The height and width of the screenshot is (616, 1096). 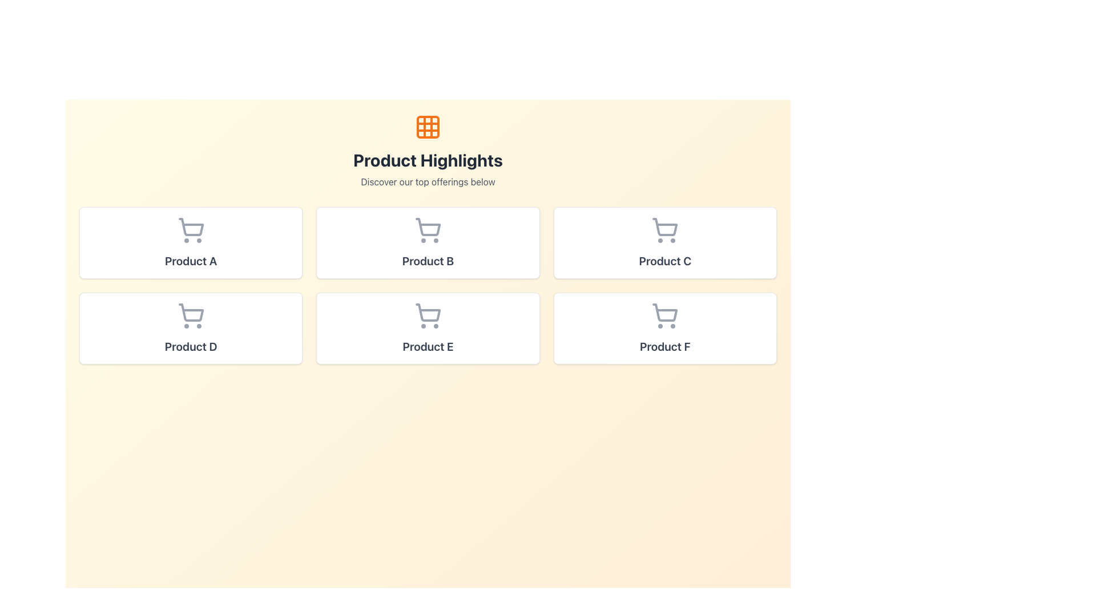 I want to click on the shopping cart icon representing 'Product A' located in the top-left section of the product card grid, so click(x=191, y=227).